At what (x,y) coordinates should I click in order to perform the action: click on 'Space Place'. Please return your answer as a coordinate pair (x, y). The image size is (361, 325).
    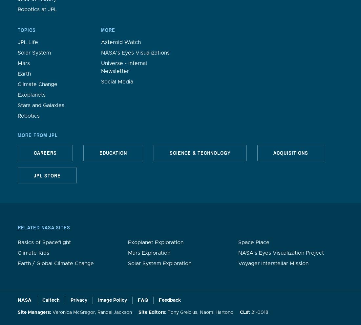
    Looking at the image, I should click on (238, 242).